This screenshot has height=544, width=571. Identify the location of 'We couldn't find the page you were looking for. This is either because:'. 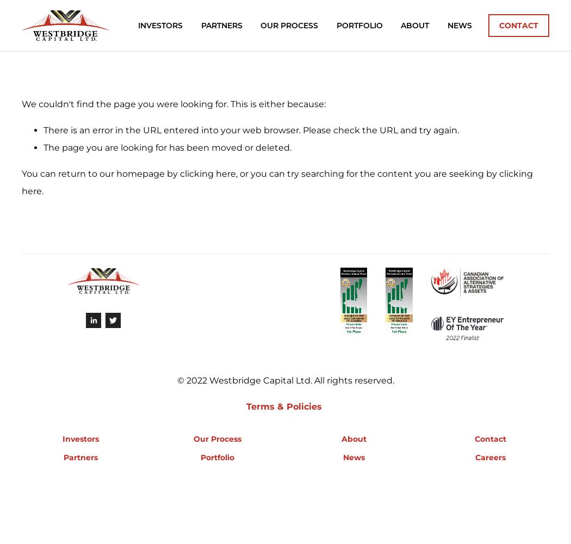
(21, 103).